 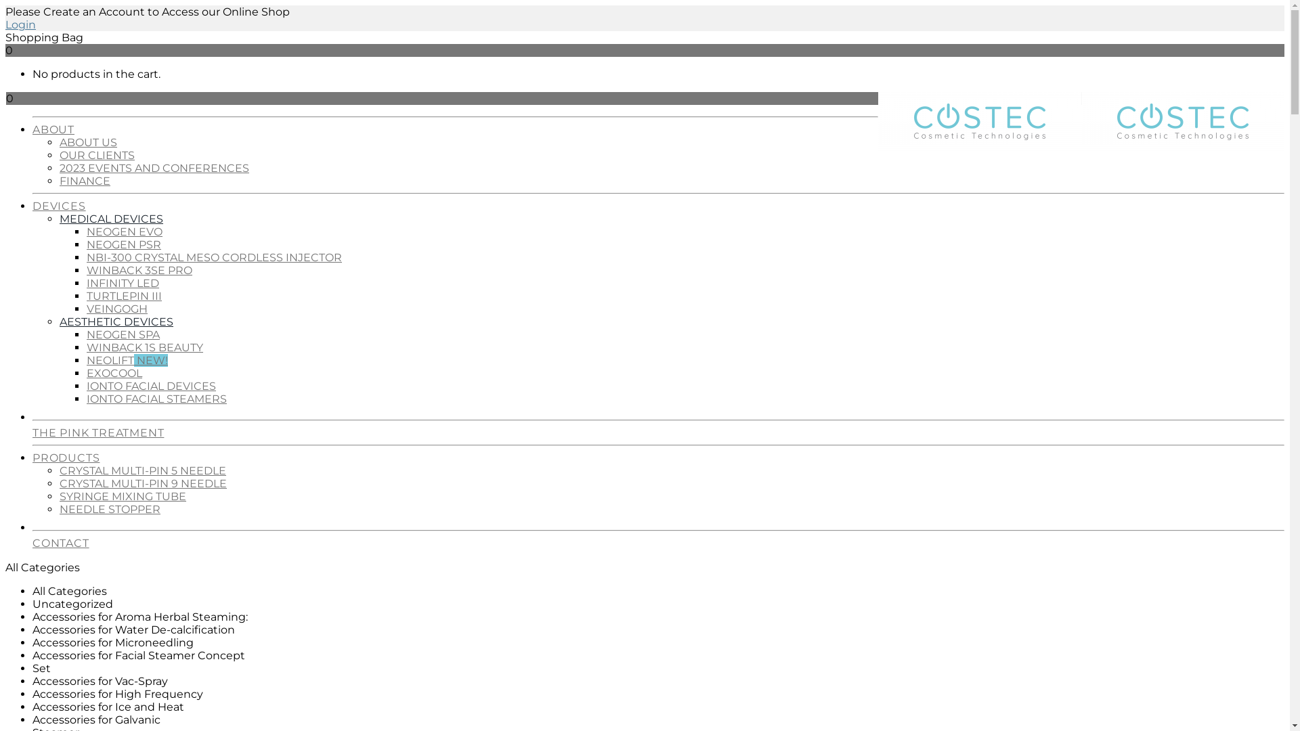 What do you see at coordinates (145, 347) in the screenshot?
I see `'WINBACK 1S BEAUTY'` at bounding box center [145, 347].